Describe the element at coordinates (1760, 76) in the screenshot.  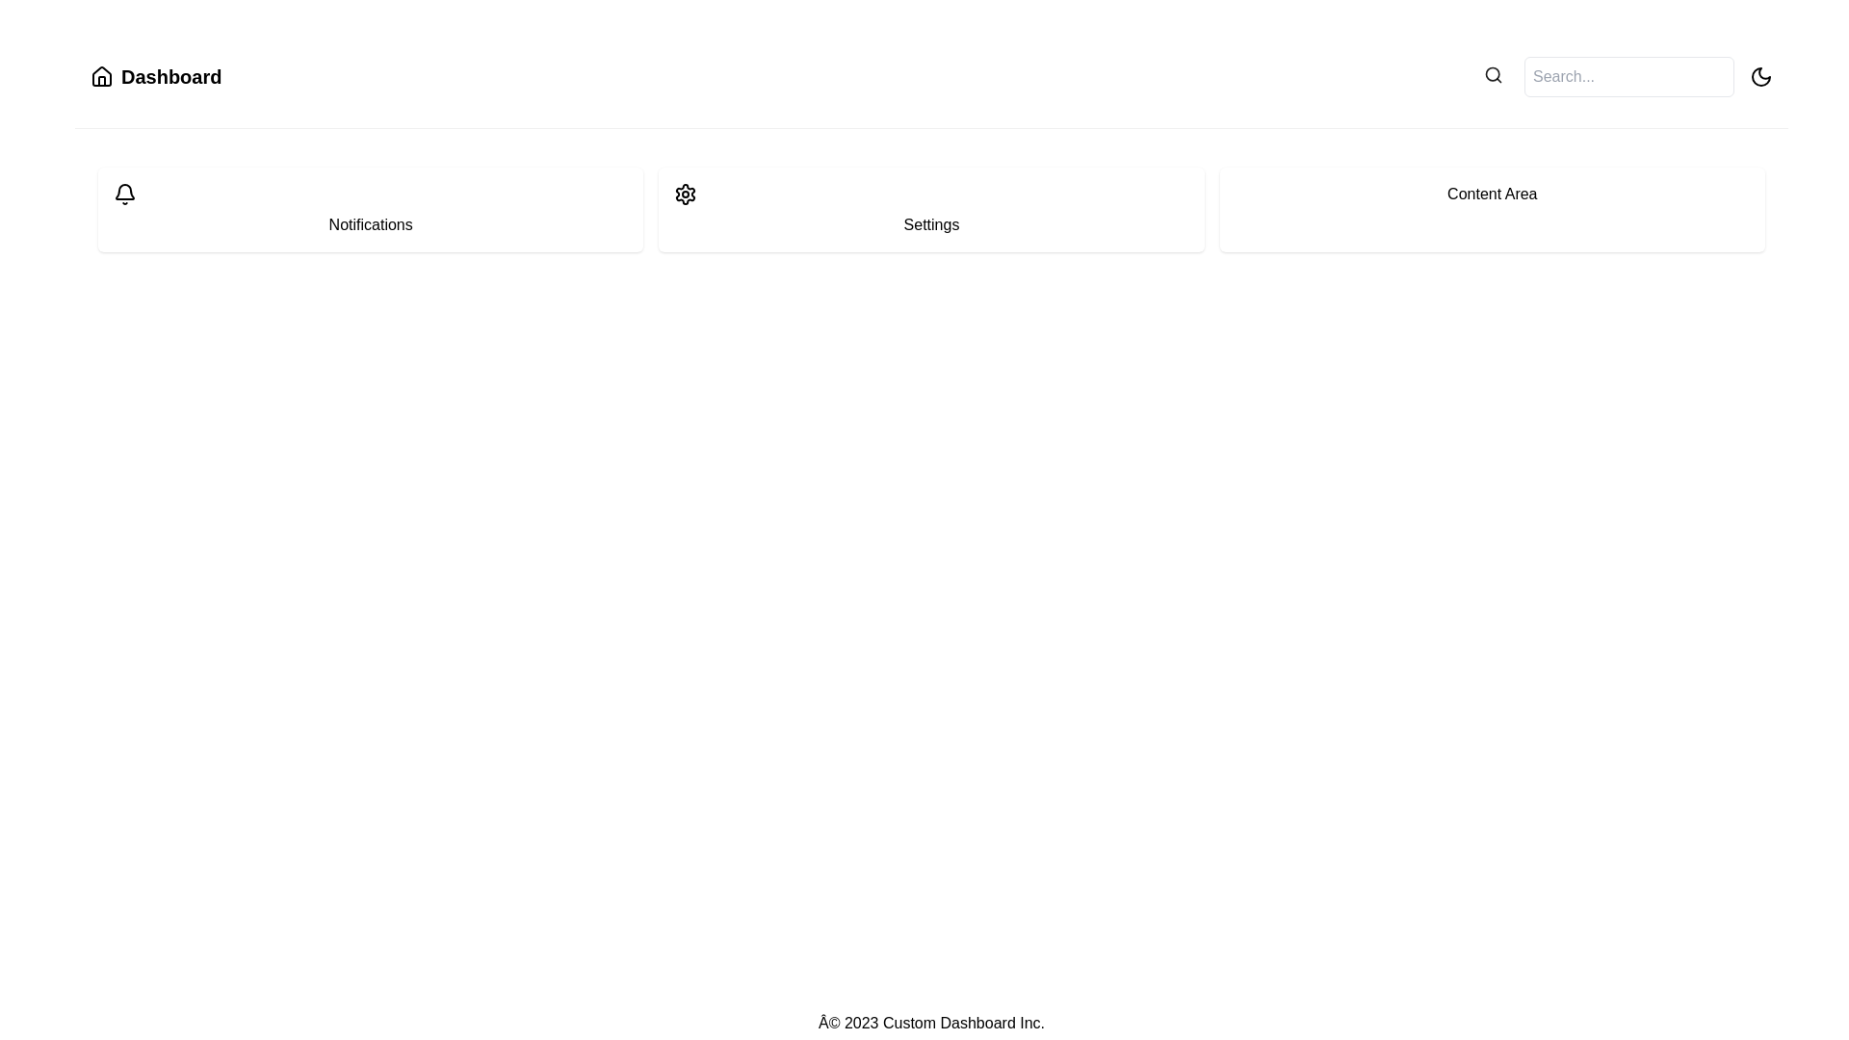
I see `the moon icon in the top-right corner of the interface` at that location.